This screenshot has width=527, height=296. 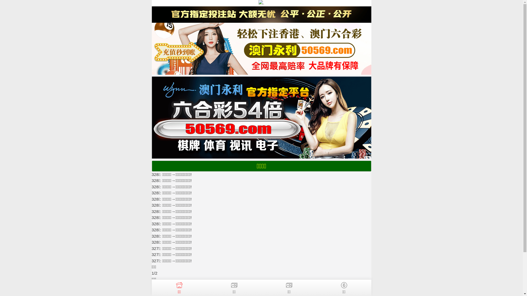 What do you see at coordinates (152, 273) in the screenshot?
I see `'1/2'` at bounding box center [152, 273].